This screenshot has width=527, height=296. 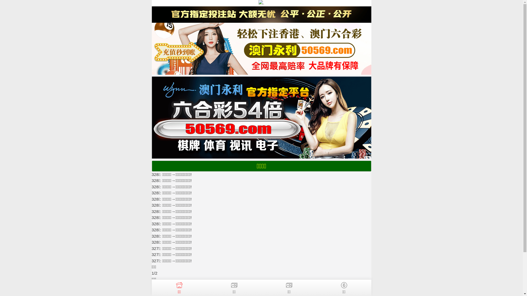 What do you see at coordinates (152, 273) in the screenshot?
I see `'1/2'` at bounding box center [152, 273].